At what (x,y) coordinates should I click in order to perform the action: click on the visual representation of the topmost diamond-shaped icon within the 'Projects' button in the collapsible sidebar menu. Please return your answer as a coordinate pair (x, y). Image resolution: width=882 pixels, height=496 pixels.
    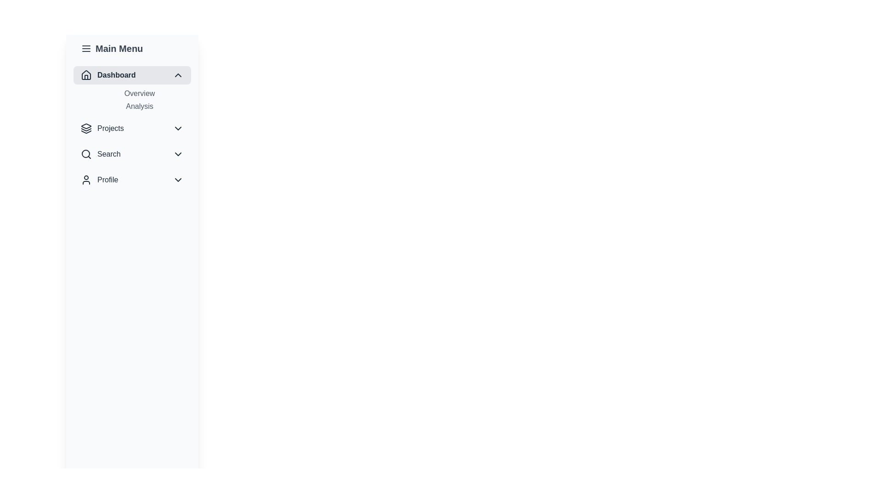
    Looking at the image, I should click on (86, 126).